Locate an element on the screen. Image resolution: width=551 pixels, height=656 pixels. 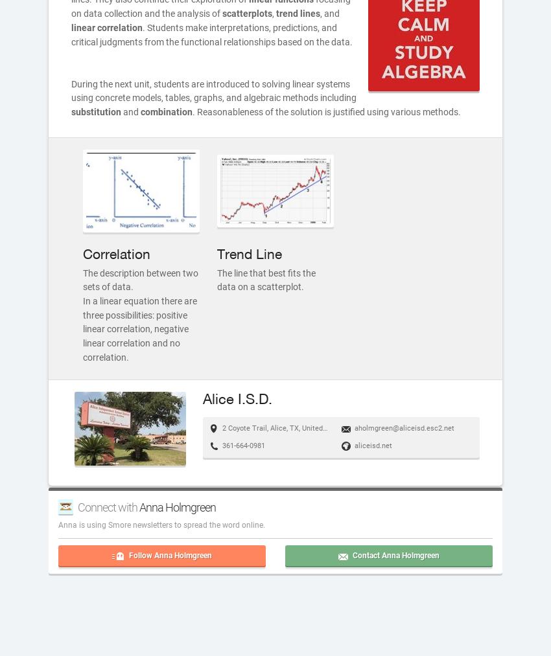
'The description between two sets of data.' is located at coordinates (141, 279).